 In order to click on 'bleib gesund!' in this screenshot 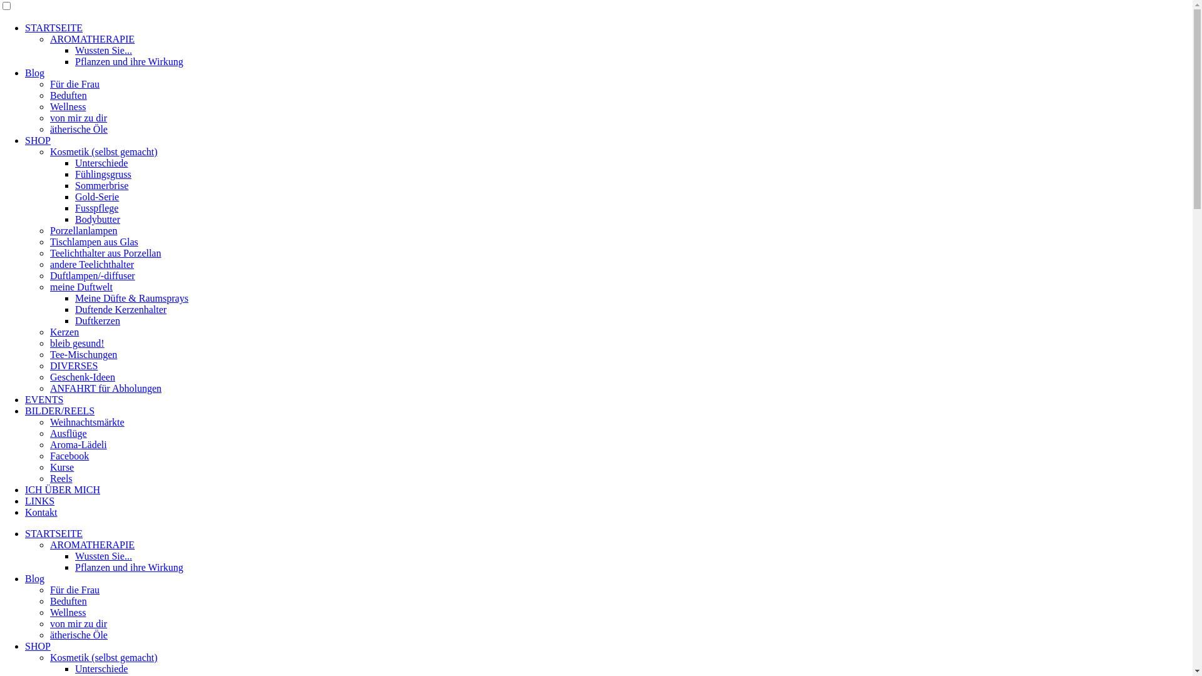, I will do `click(76, 343)`.